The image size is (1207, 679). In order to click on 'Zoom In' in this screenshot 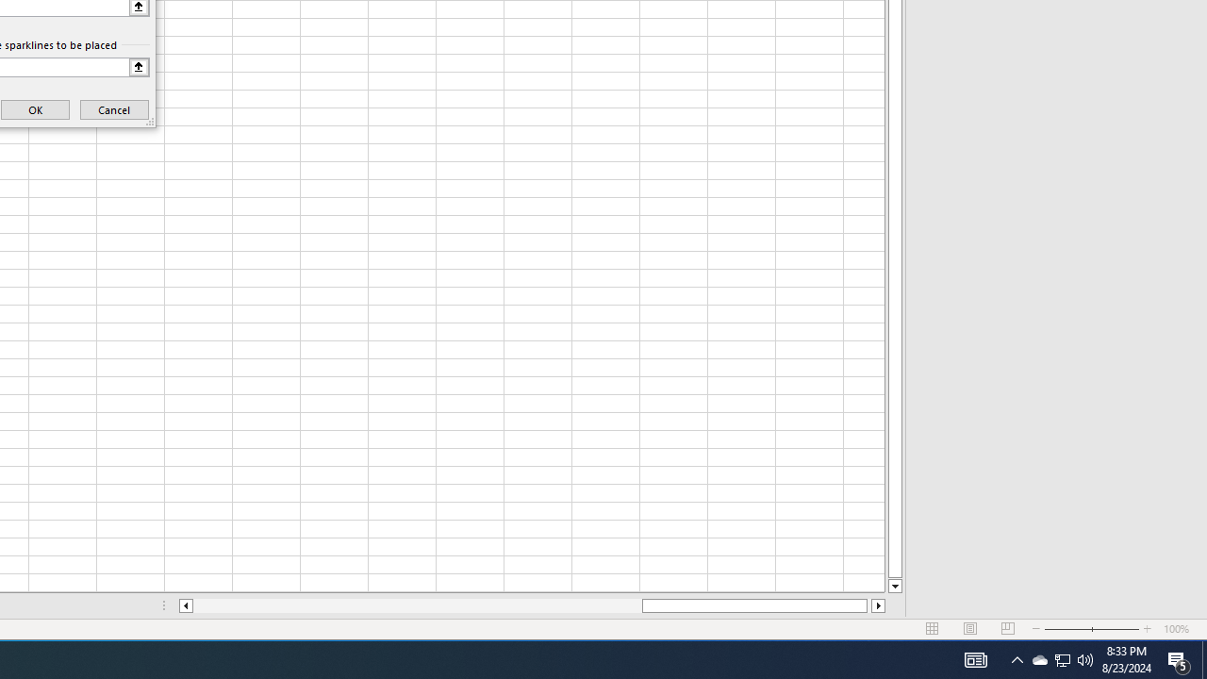, I will do `click(1147, 629)`.